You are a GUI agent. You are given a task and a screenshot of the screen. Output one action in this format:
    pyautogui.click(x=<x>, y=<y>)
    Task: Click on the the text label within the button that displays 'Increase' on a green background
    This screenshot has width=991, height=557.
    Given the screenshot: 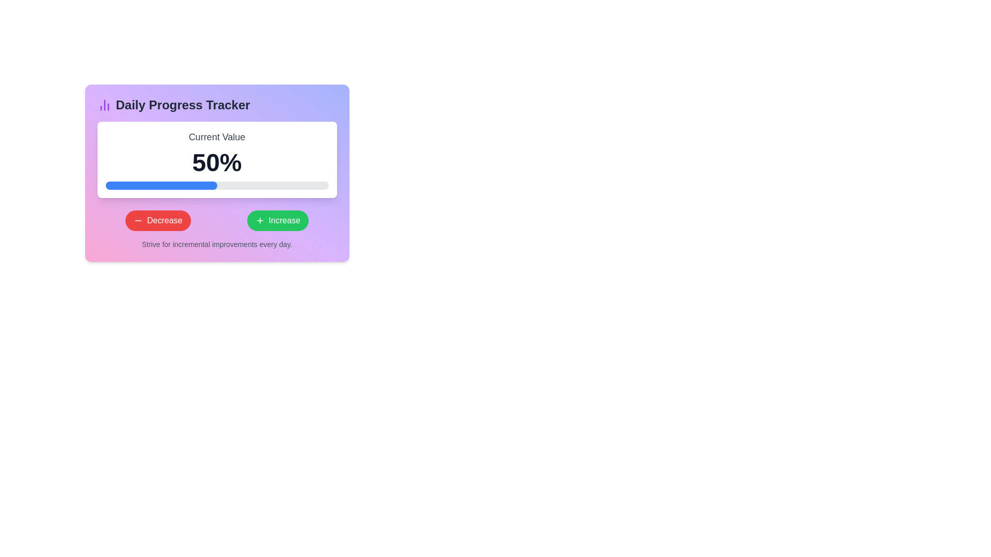 What is the action you would take?
    pyautogui.click(x=284, y=220)
    